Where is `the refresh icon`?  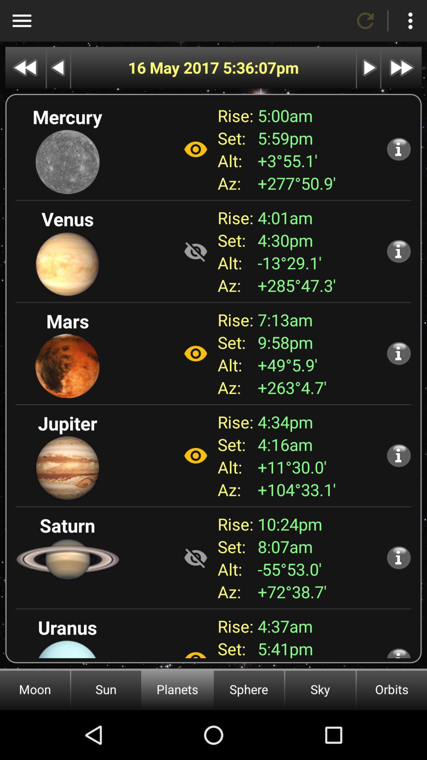 the refresh icon is located at coordinates (365, 21).